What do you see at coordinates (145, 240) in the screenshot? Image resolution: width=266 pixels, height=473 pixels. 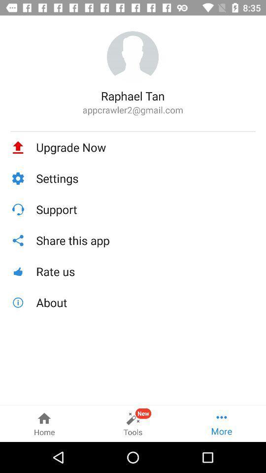 I see `the icon below support icon` at bounding box center [145, 240].